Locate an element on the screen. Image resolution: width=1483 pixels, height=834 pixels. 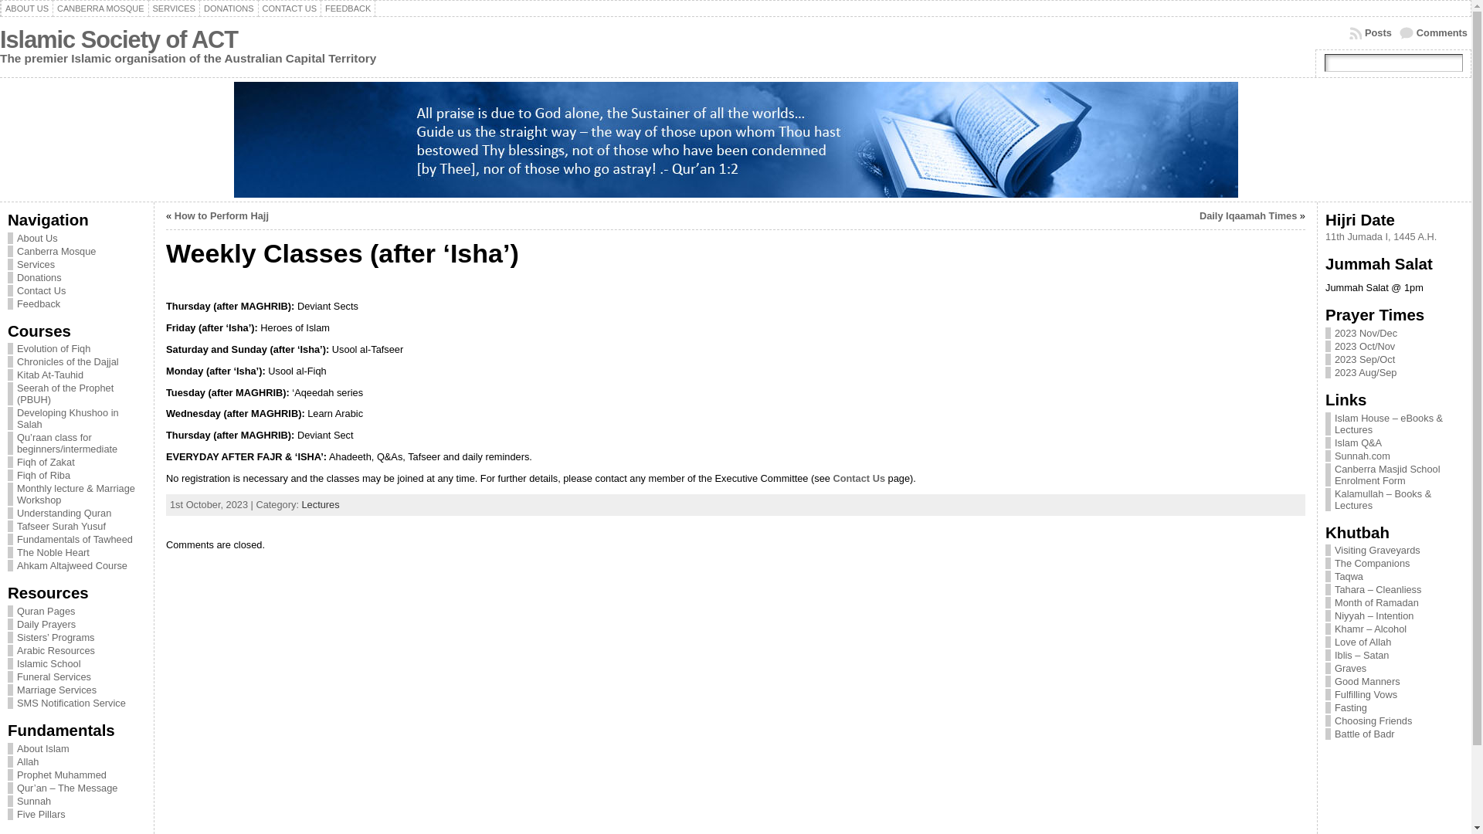
'Battle of Badr' is located at coordinates (1364, 733).